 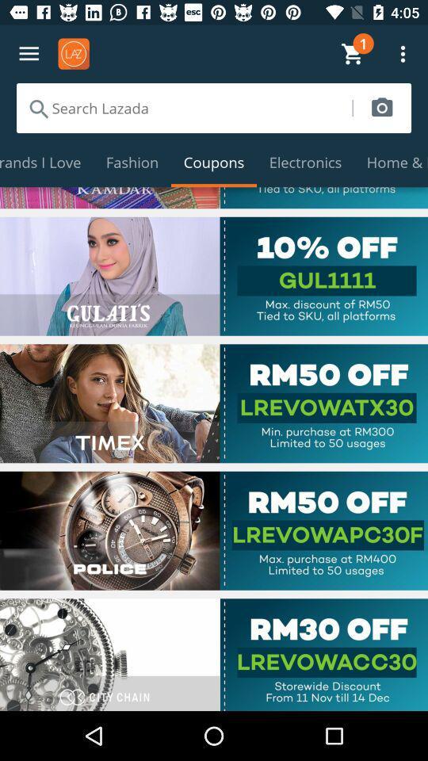 I want to click on open more options, so click(x=29, y=54).